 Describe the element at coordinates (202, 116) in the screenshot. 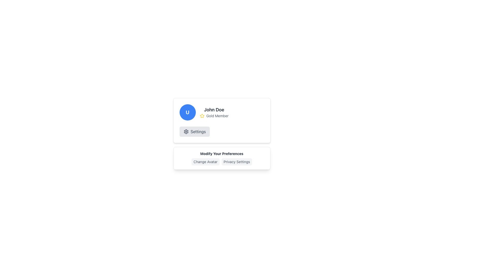

I see `the star-shaped icon with a yellow outline, associated with the 'Gold Member' label, located to the left of the label and above the 'Settings' button` at that location.